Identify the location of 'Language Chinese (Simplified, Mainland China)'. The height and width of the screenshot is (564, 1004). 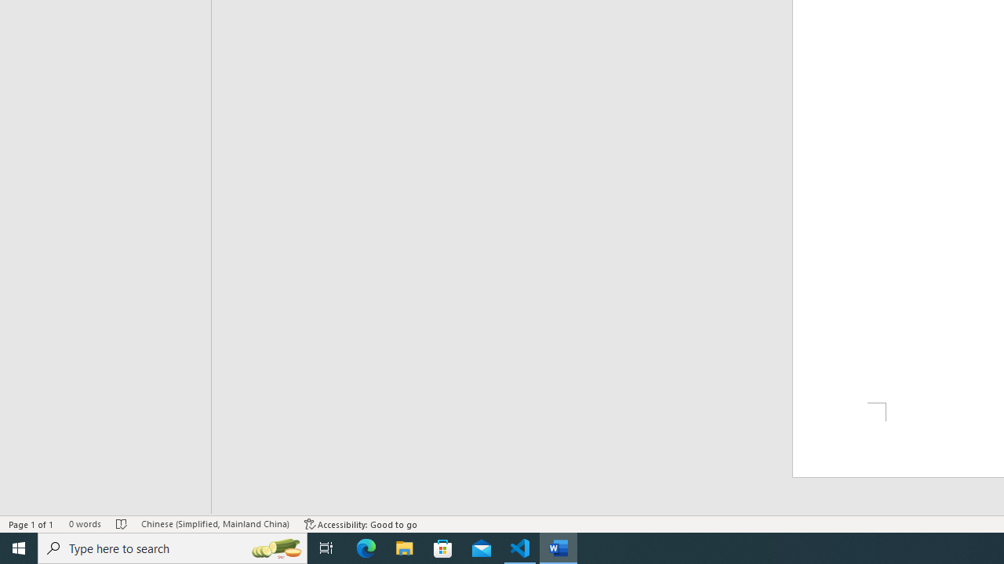
(214, 524).